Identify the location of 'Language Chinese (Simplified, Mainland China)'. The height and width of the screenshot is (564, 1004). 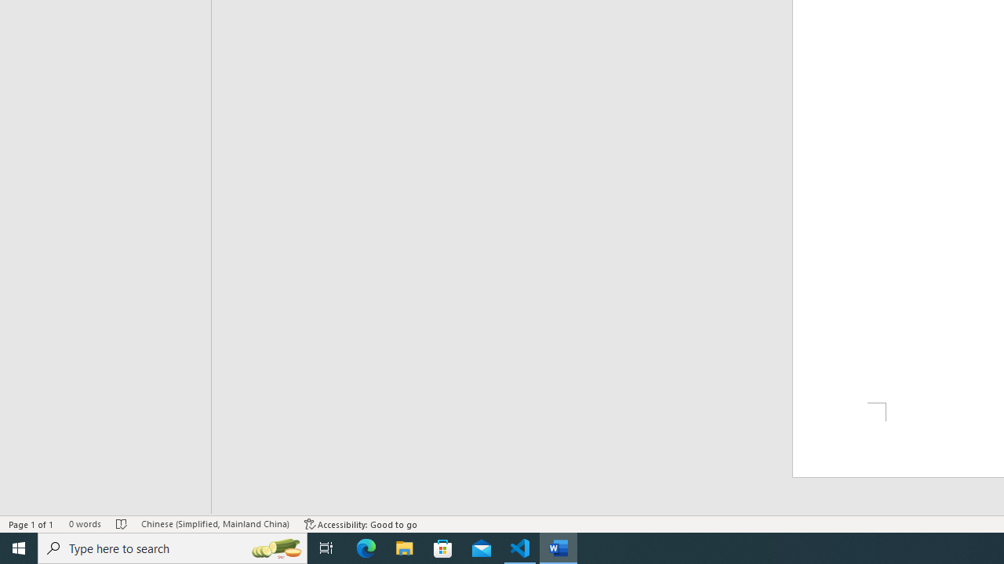
(214, 524).